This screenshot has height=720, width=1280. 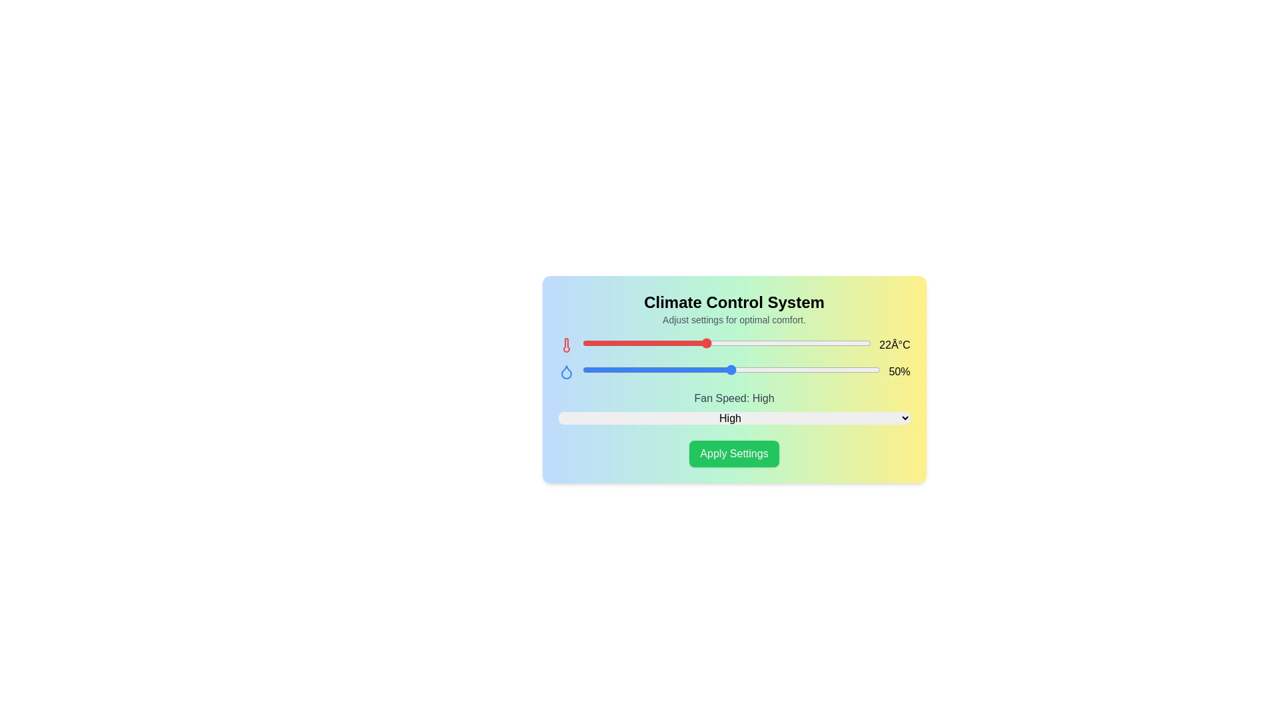 What do you see at coordinates (745, 370) in the screenshot?
I see `the humidity slider to 52%` at bounding box center [745, 370].